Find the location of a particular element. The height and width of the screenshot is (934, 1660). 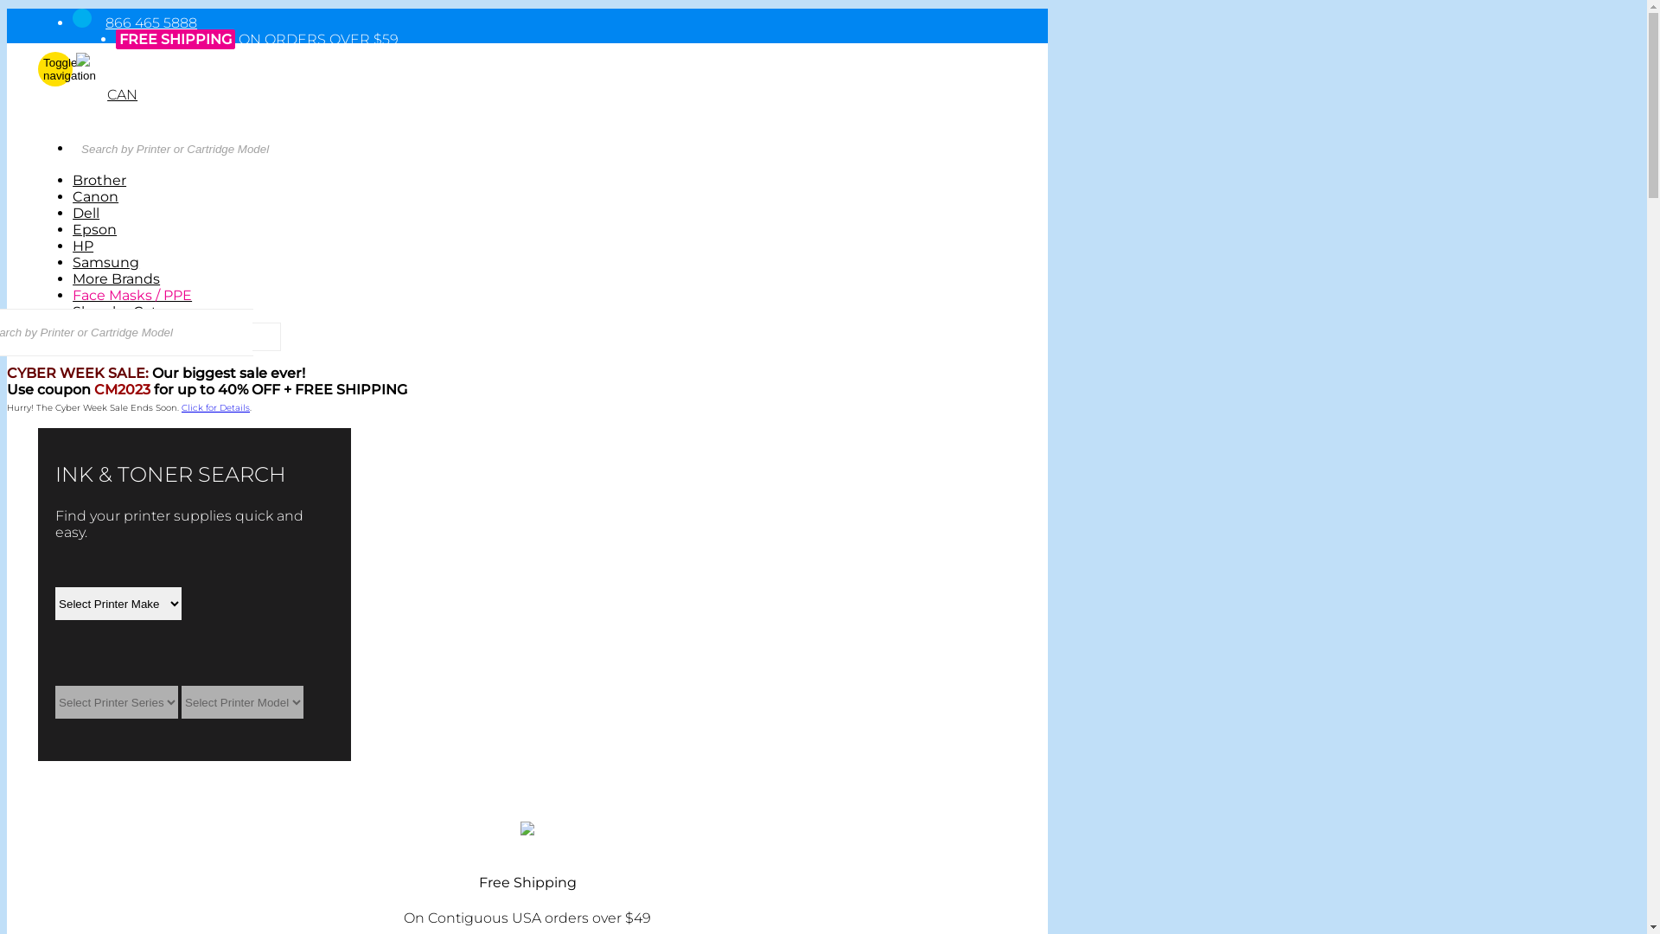

'  My Account' is located at coordinates (115, 111).